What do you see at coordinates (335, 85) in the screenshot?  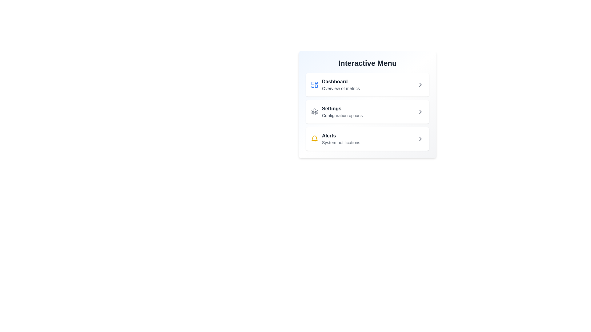 I see `the 'Dashboard' menu item, which includes a bold gray heading and a grid-shaped blue icon` at bounding box center [335, 85].